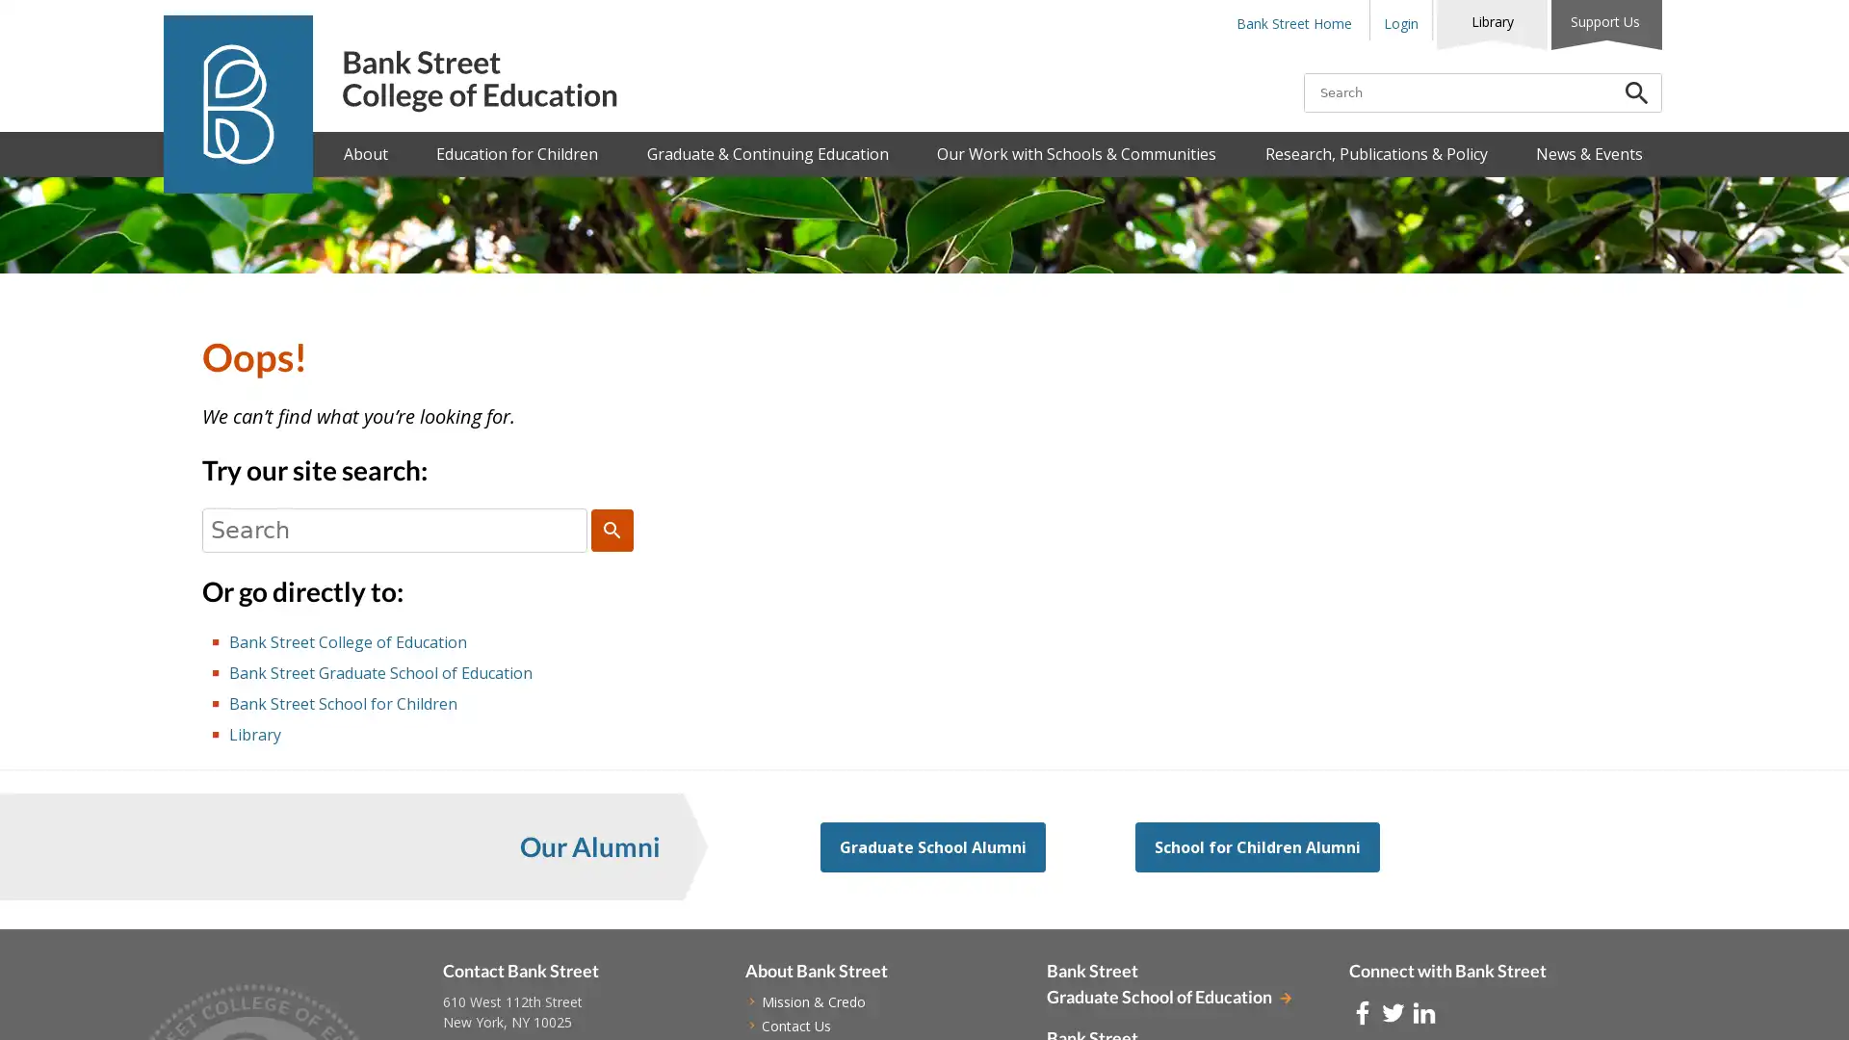  Describe the element at coordinates (611, 531) in the screenshot. I see `Search` at that location.